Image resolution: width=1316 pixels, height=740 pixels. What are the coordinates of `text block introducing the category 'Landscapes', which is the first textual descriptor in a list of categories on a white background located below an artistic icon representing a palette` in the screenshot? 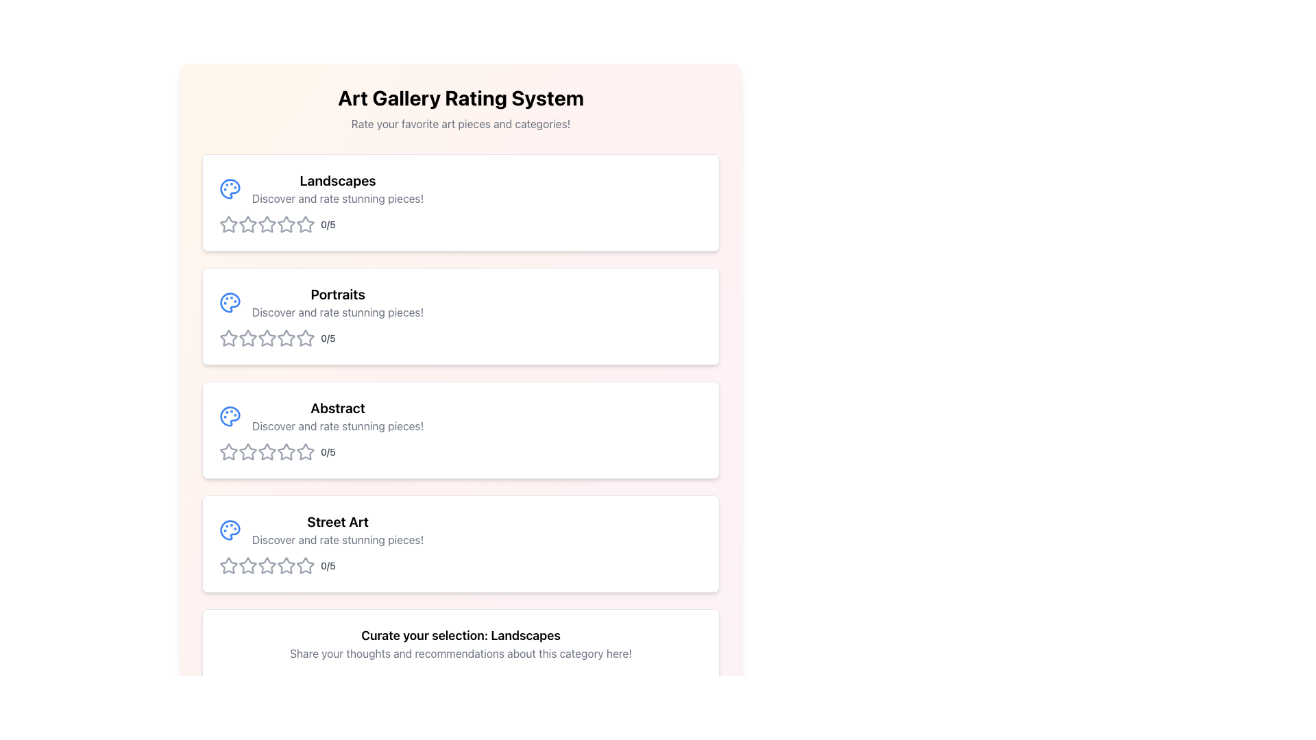 It's located at (338, 189).